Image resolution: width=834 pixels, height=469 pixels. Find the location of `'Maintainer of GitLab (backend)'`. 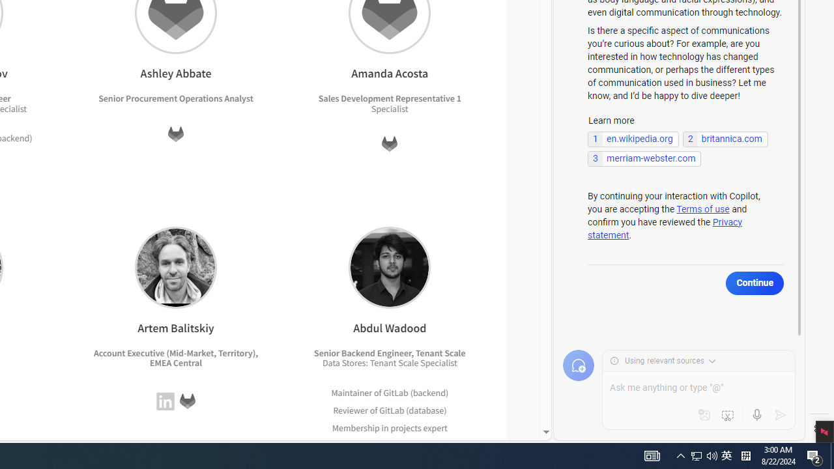

'Maintainer of GitLab (backend)' is located at coordinates (389, 391).